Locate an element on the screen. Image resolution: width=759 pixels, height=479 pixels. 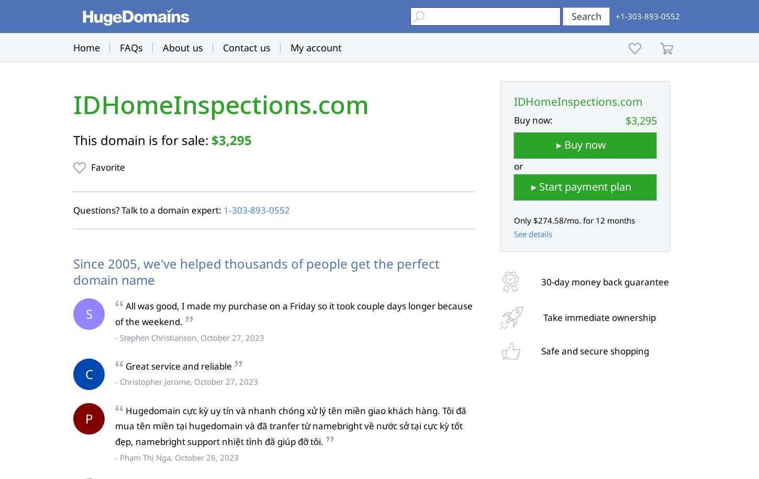
'This domain is for sale:' is located at coordinates (73, 139).